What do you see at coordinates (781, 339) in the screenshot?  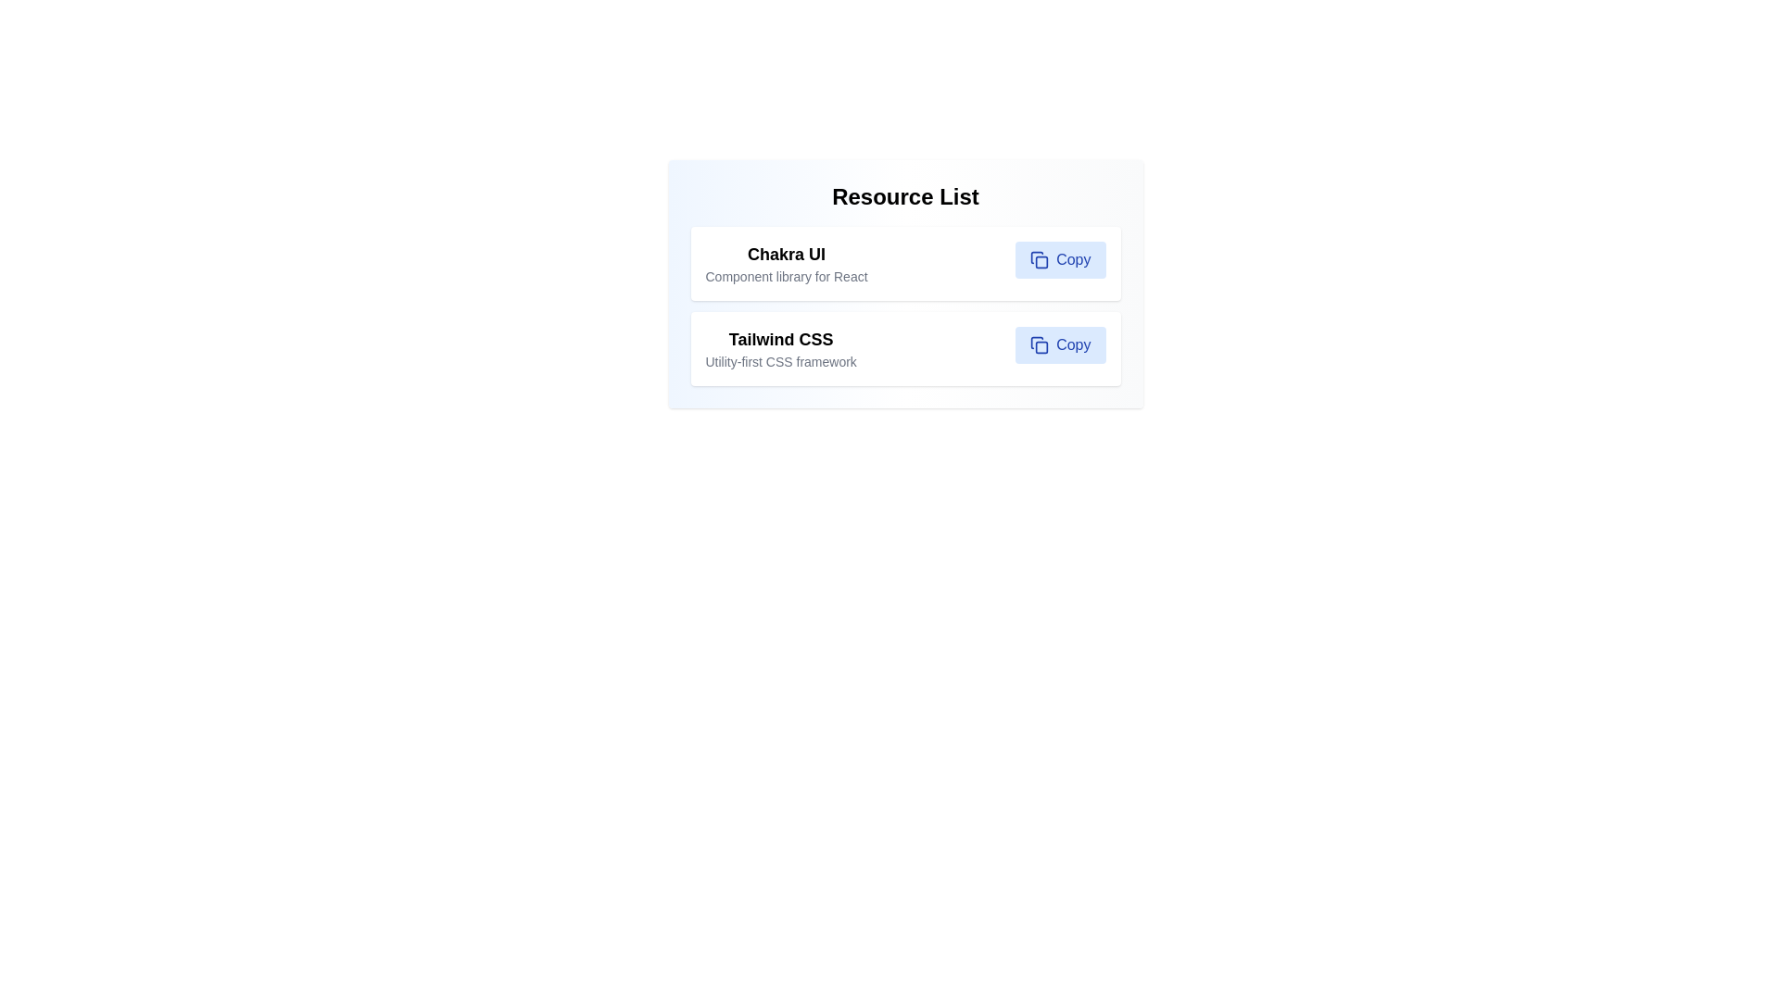 I see `the bold text label 'Tailwind CSS' located in the second card of the vertical list, which is above the 'Copy' button and below the 'Chakra UI' card` at bounding box center [781, 339].